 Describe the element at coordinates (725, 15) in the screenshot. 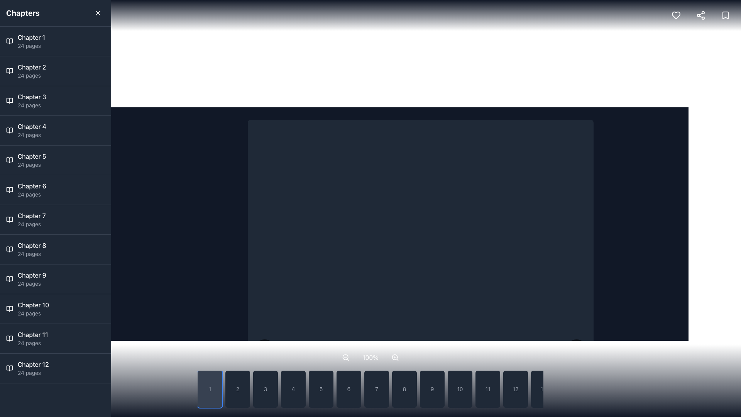

I see `the bookmark icon in the top-right corner of the interface to bookmark or unbookmark an item` at that location.